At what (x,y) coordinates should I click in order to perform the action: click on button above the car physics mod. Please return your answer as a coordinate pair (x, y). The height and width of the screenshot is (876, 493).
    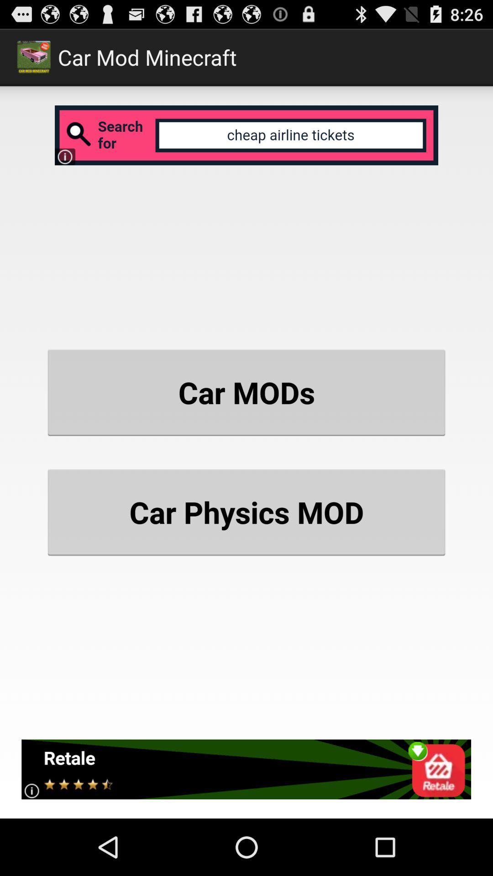
    Looking at the image, I should click on (246, 392).